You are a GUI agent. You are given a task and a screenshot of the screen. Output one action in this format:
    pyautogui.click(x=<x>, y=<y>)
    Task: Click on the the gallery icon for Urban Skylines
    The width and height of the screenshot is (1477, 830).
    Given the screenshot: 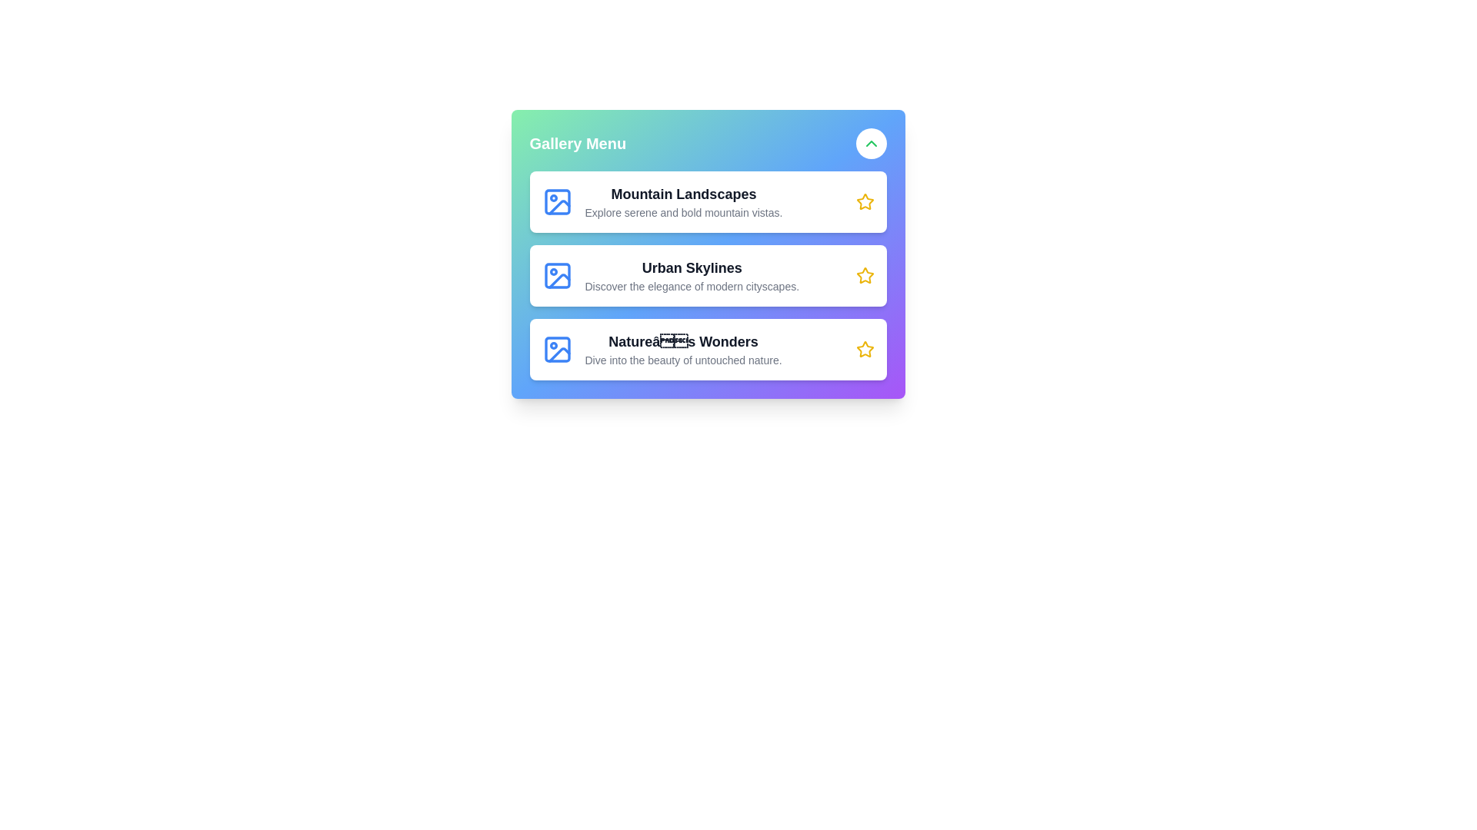 What is the action you would take?
    pyautogui.click(x=556, y=274)
    